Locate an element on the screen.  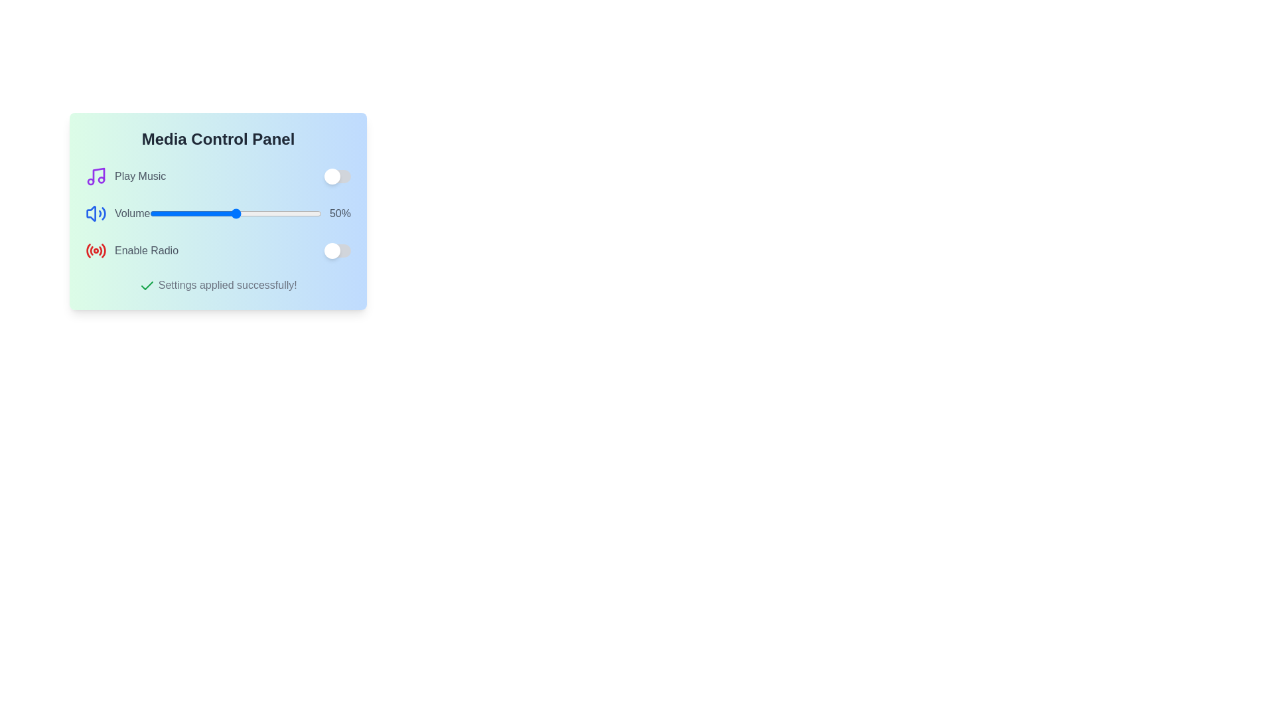
the decorative 'Play Music' icon located at the far left of the control panel is located at coordinates (95, 176).